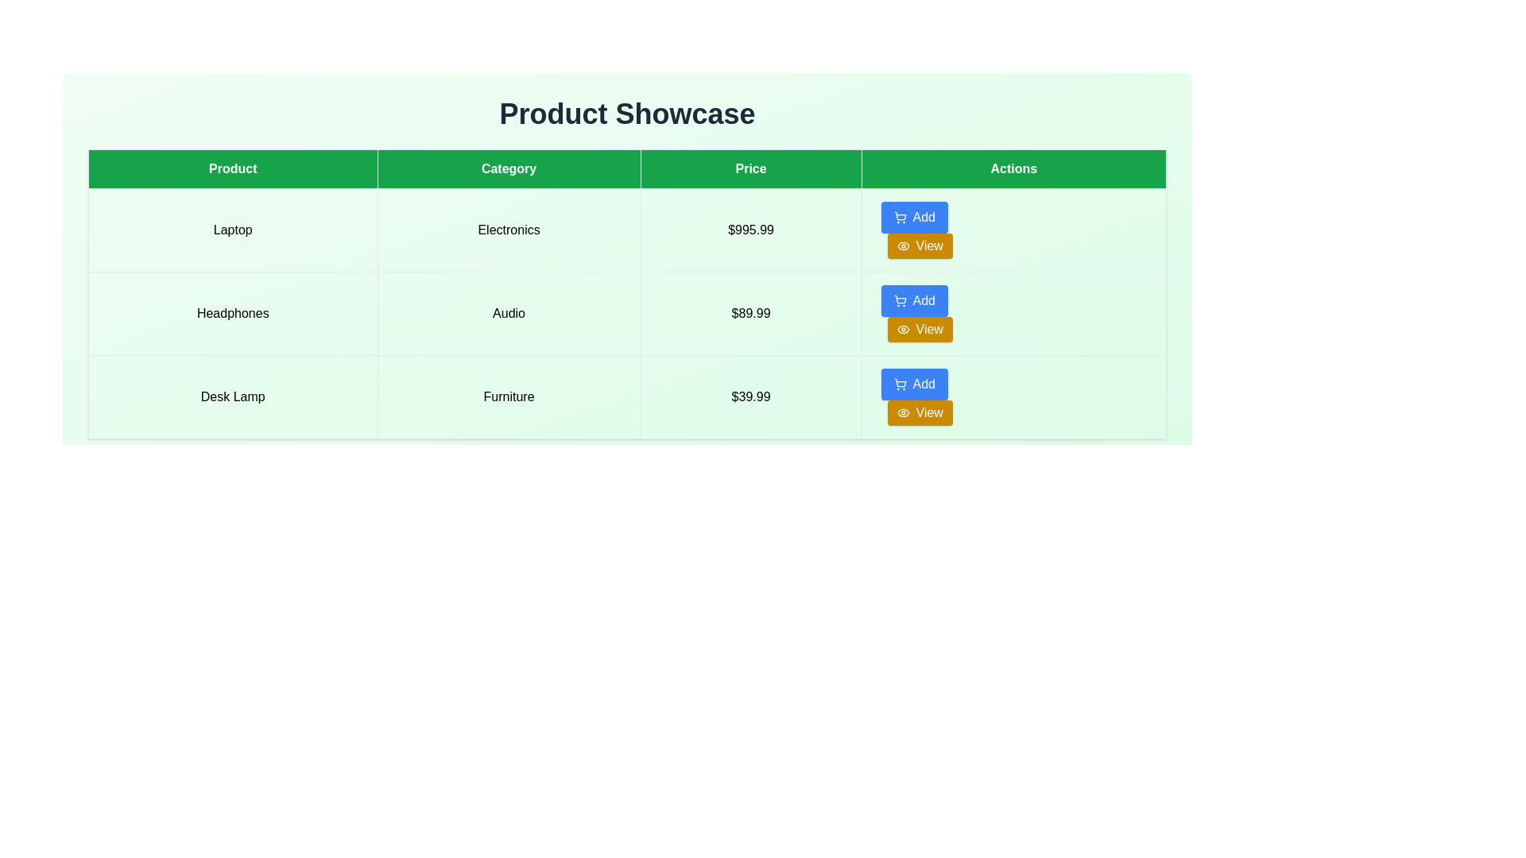 The height and width of the screenshot is (858, 1526). What do you see at coordinates (750, 230) in the screenshot?
I see `the price text label located in the third column of the first row of the table, which displays the product price and is flanked by 'Electronics' on the left and 'Add View' controls on the right` at bounding box center [750, 230].